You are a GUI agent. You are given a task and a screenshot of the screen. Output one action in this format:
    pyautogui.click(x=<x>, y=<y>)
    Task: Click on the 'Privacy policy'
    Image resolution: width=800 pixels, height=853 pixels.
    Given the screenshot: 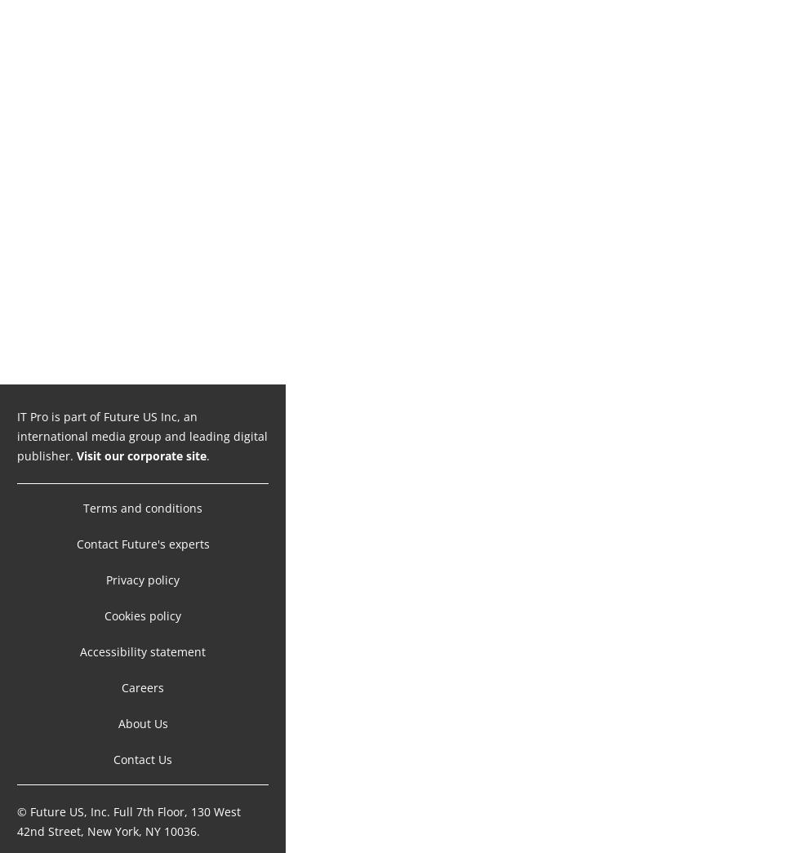 What is the action you would take?
    pyautogui.click(x=143, y=562)
    